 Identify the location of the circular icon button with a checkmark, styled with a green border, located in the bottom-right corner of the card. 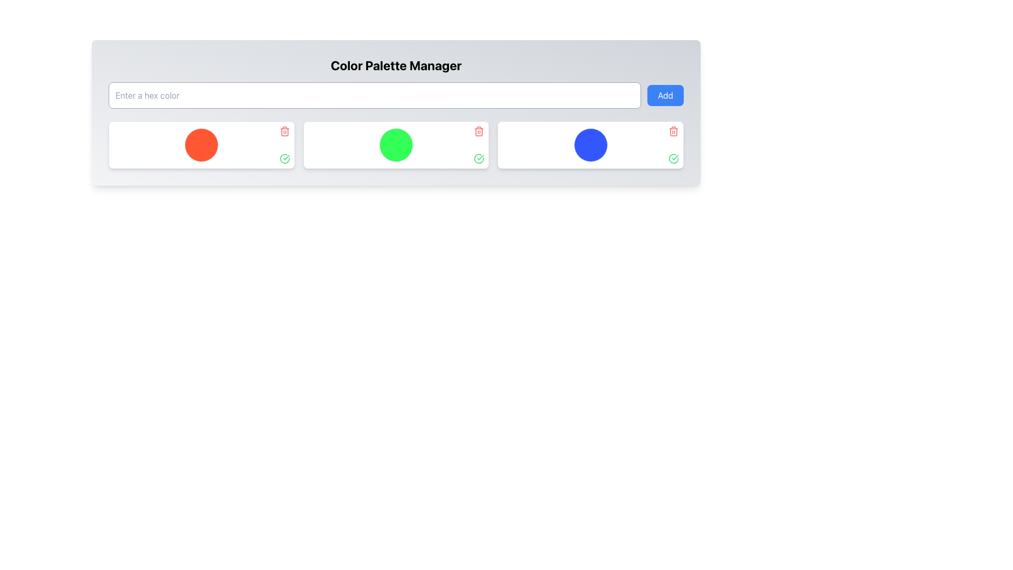
(284, 158).